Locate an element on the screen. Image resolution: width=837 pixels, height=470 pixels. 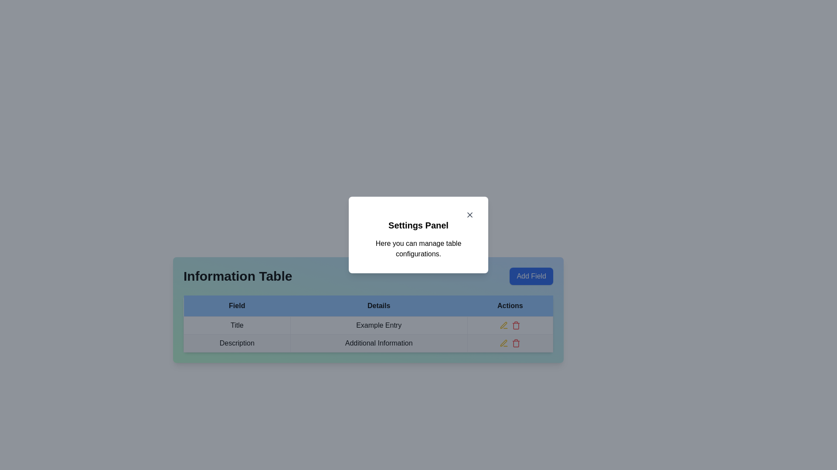
the static informational cell in the second column of the first data row in the table, which represents a detail entry is located at coordinates (379, 326).